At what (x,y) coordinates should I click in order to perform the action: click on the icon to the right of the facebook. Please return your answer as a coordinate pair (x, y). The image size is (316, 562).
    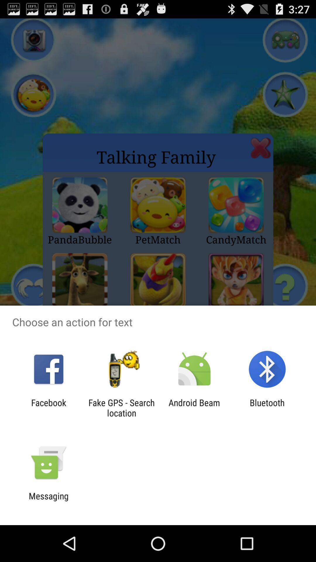
    Looking at the image, I should click on (121, 407).